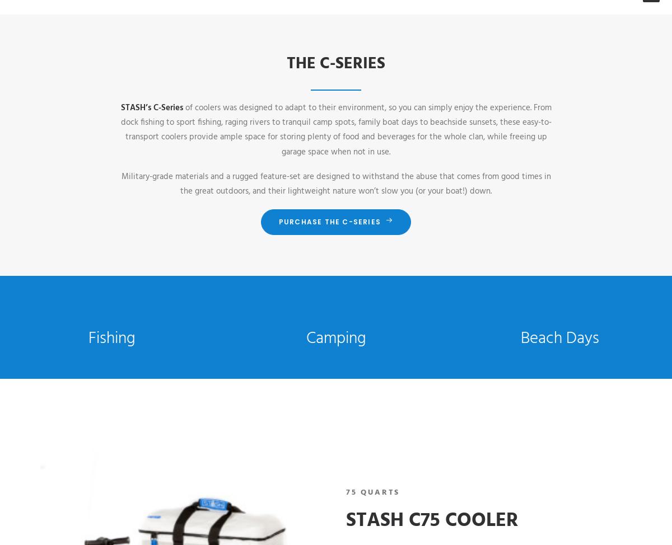 The image size is (672, 545). Describe the element at coordinates (151, 107) in the screenshot. I see `'STASH’s C-Series'` at that location.